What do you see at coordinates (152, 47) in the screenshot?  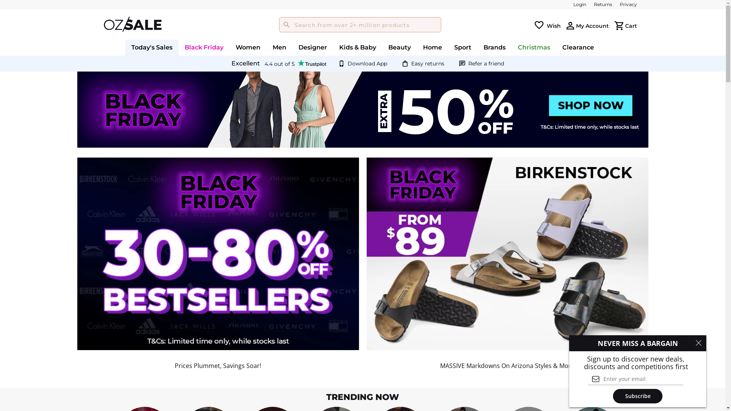 I see `'Today's Sales'` at bounding box center [152, 47].